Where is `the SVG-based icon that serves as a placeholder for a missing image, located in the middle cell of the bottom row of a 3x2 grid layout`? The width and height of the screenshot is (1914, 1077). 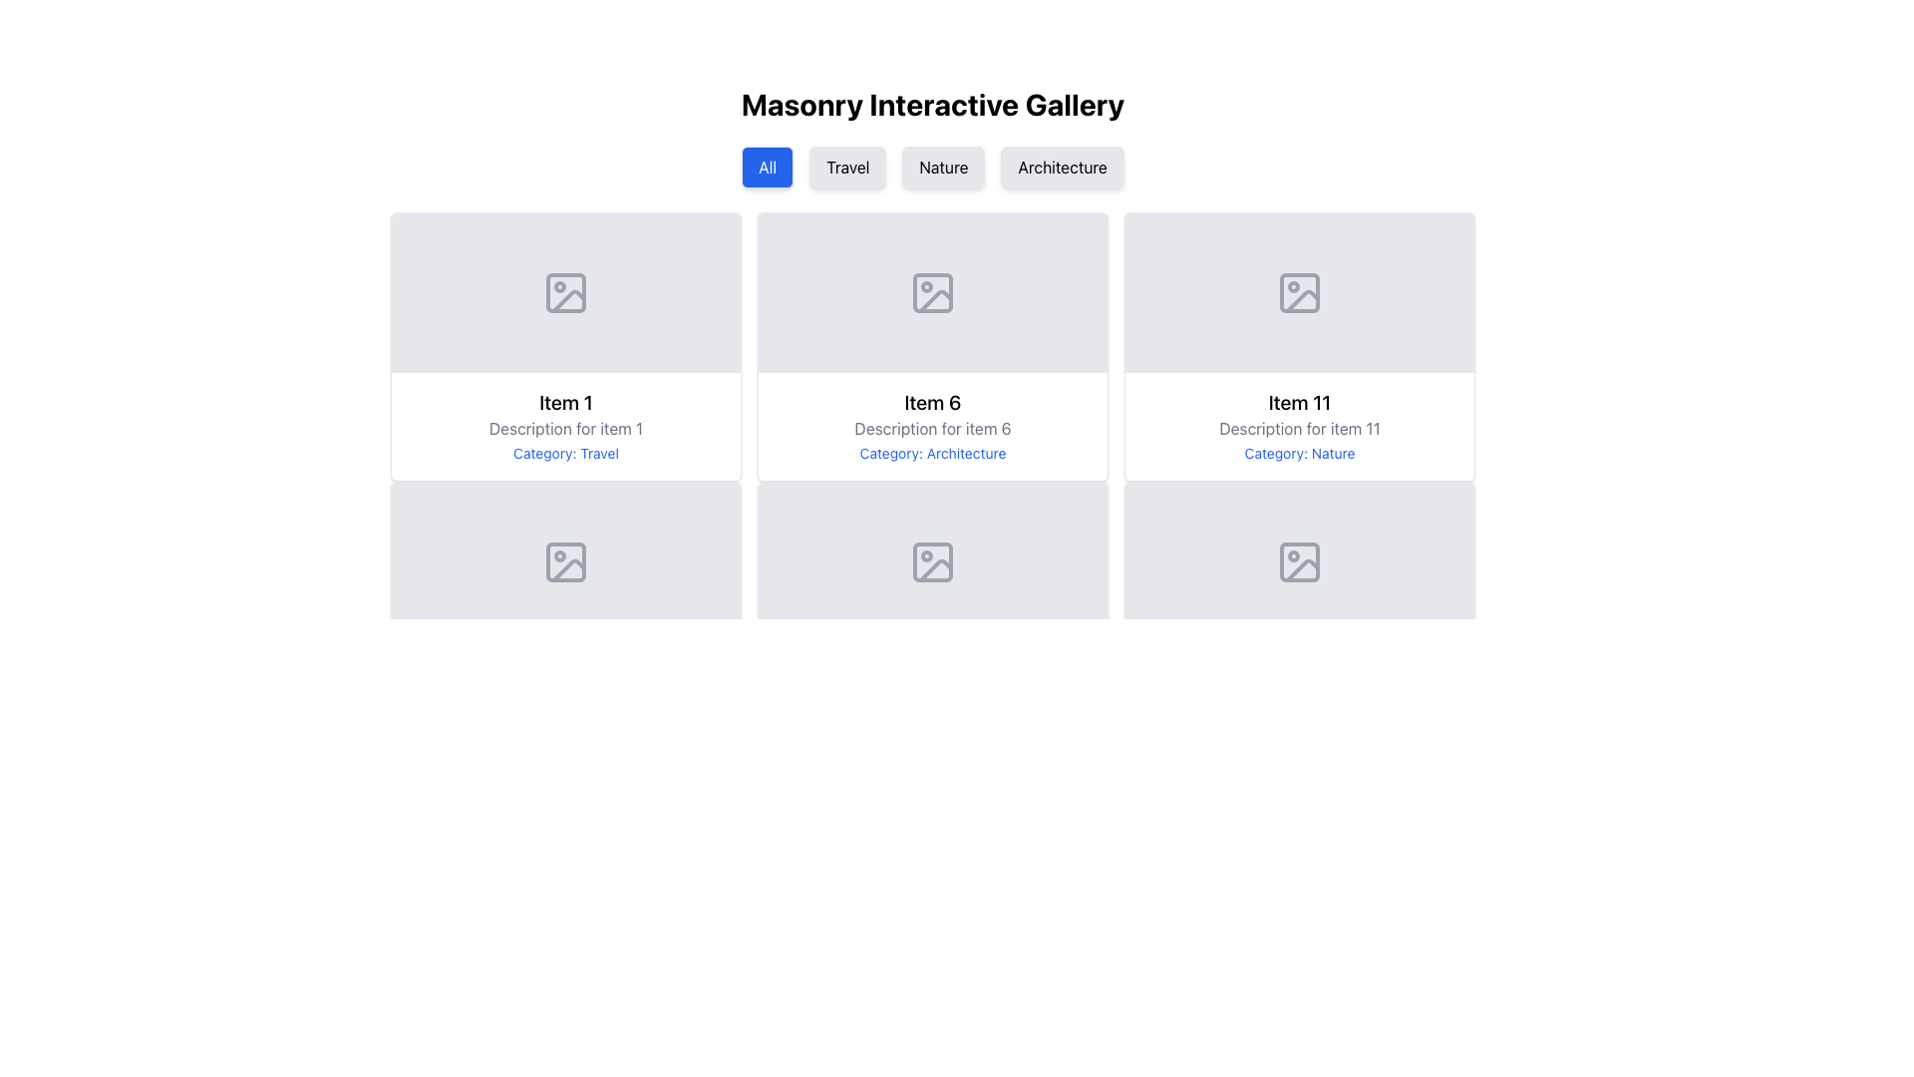 the SVG-based icon that serves as a placeholder for a missing image, located in the middle cell of the bottom row of a 3x2 grid layout is located at coordinates (932, 561).